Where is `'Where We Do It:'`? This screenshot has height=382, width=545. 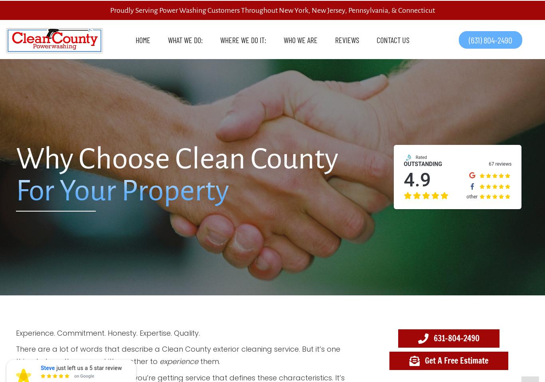
'Where We Do It:' is located at coordinates (220, 39).